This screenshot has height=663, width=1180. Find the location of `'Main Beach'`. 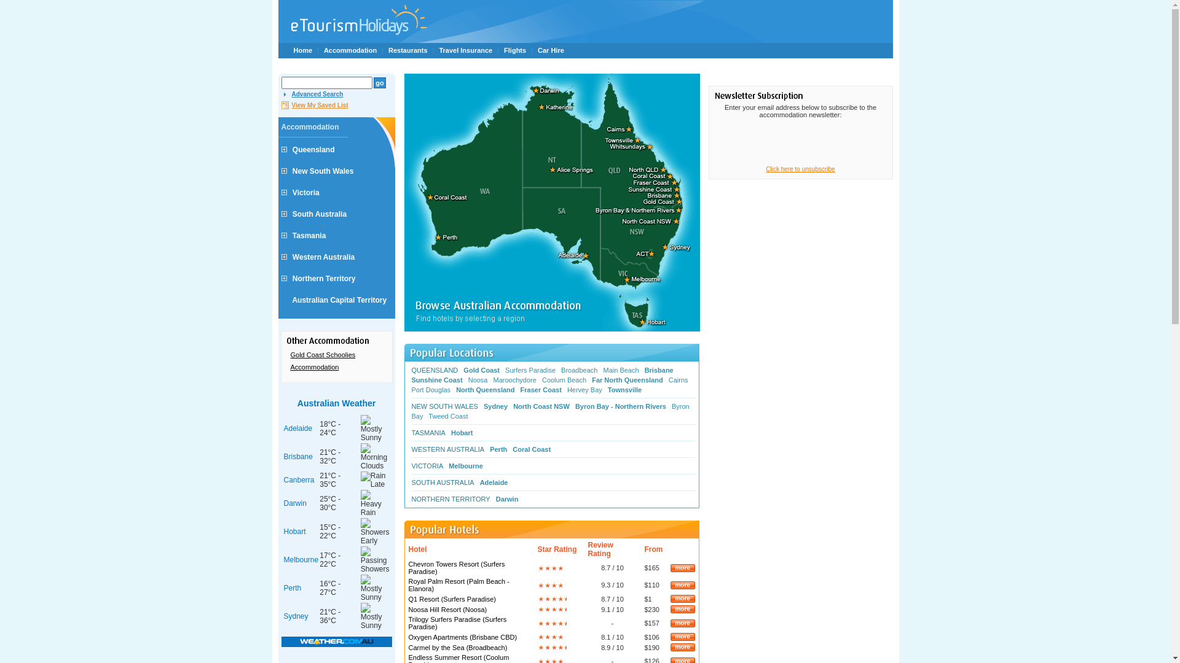

'Main Beach' is located at coordinates (622, 369).